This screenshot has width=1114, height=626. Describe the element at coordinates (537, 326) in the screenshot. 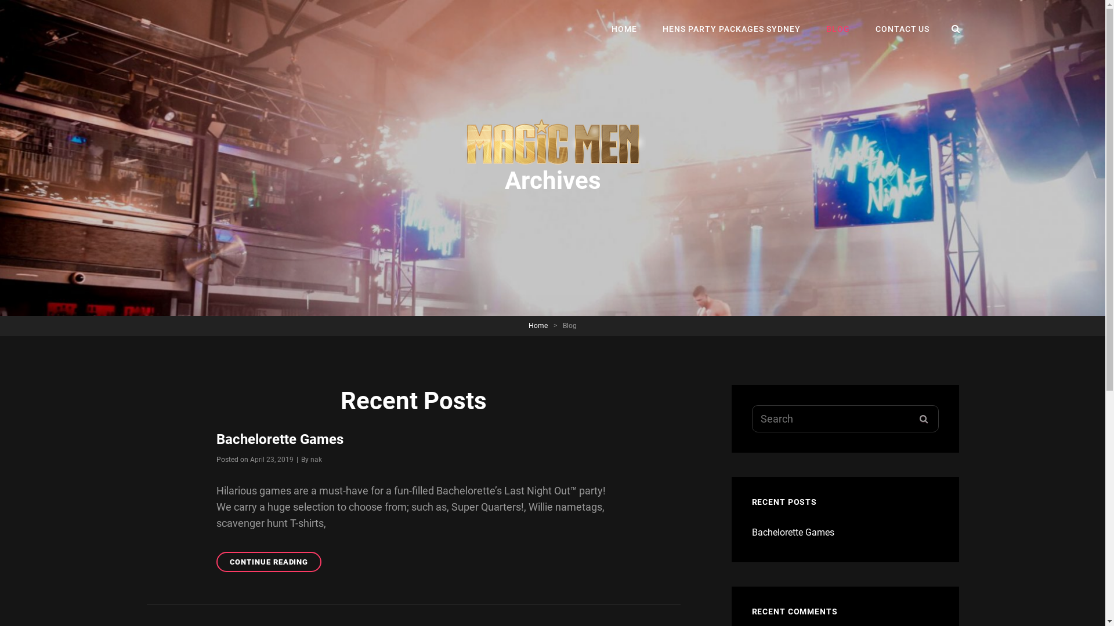

I see `'Home'` at that location.